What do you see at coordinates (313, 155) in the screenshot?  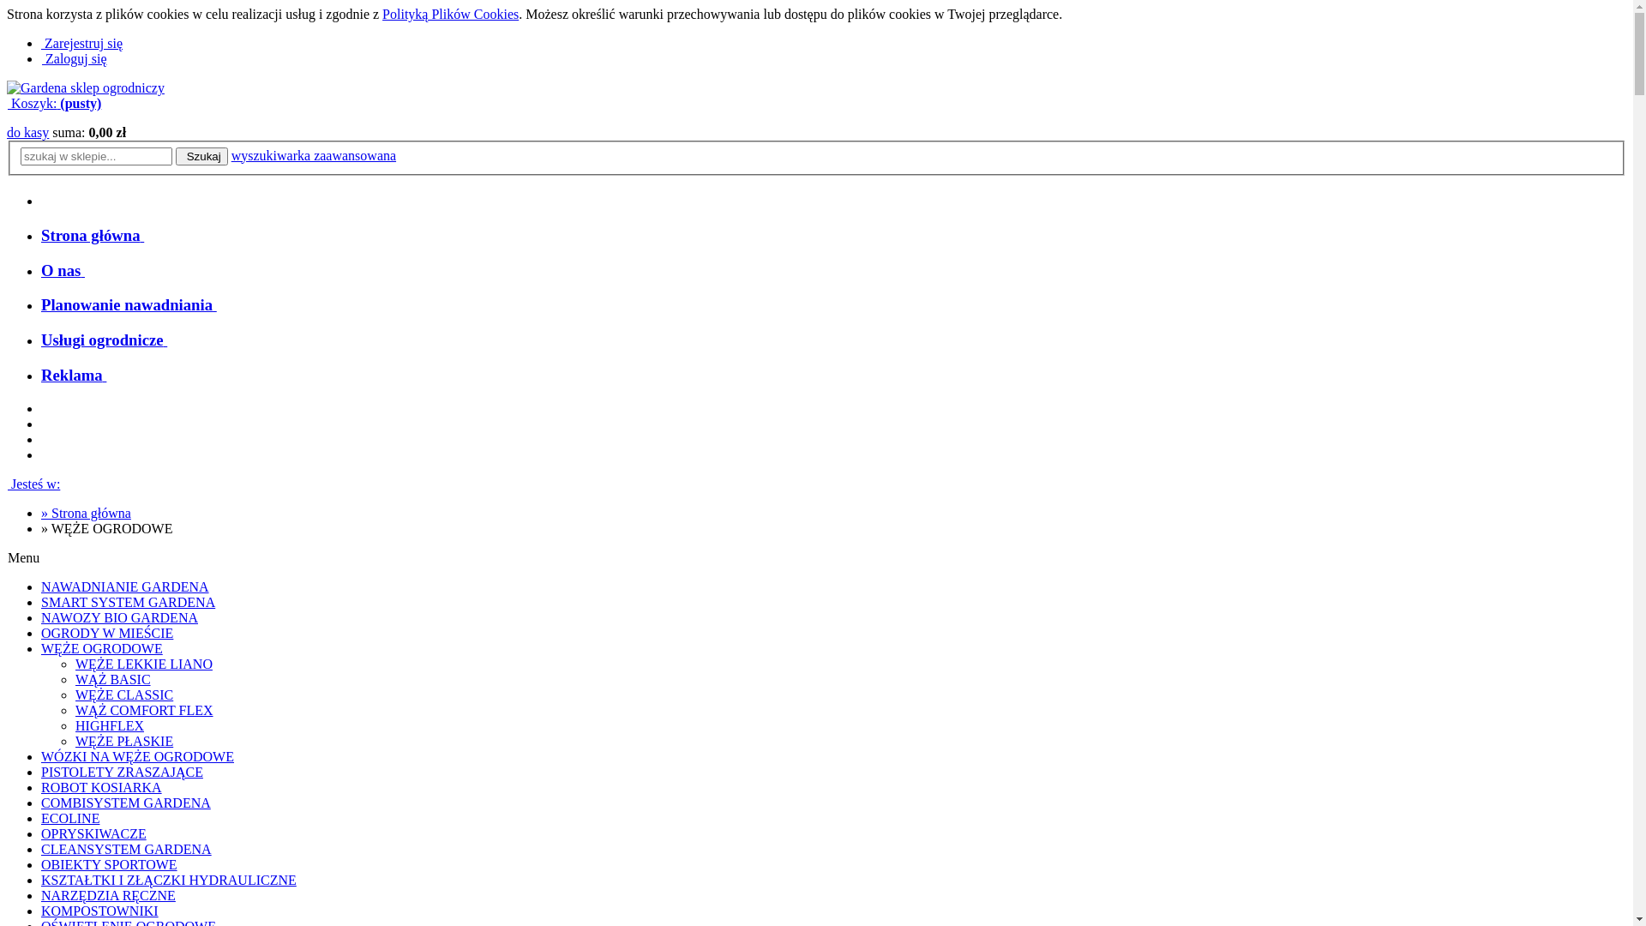 I see `'wyszukiwarka zaawansowana'` at bounding box center [313, 155].